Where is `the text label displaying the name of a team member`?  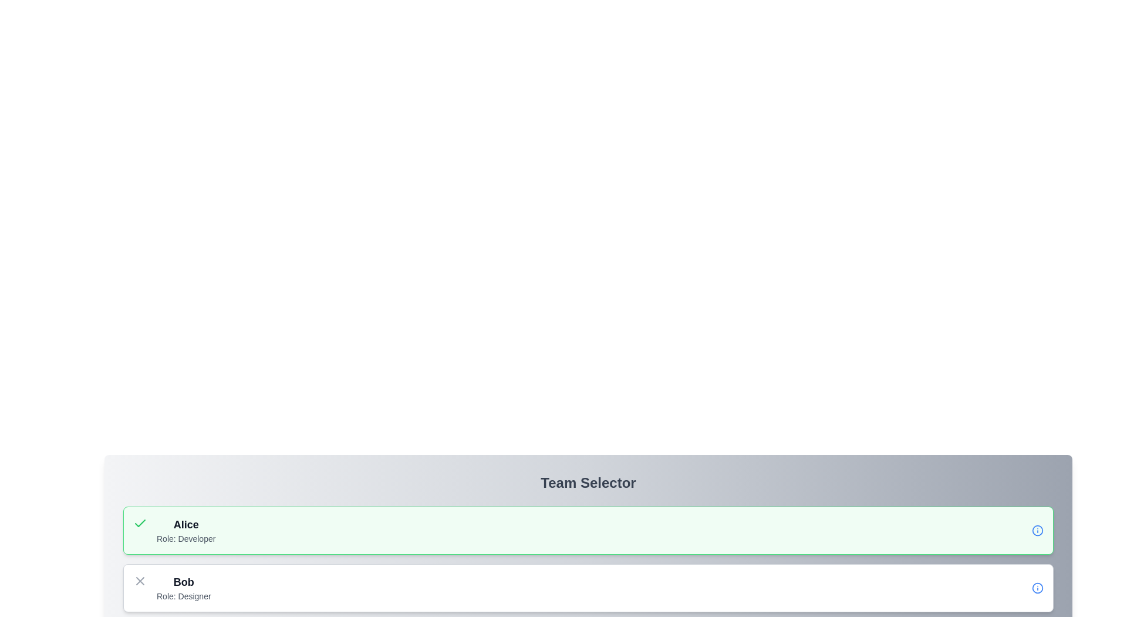 the text label displaying the name of a team member is located at coordinates (185, 524).